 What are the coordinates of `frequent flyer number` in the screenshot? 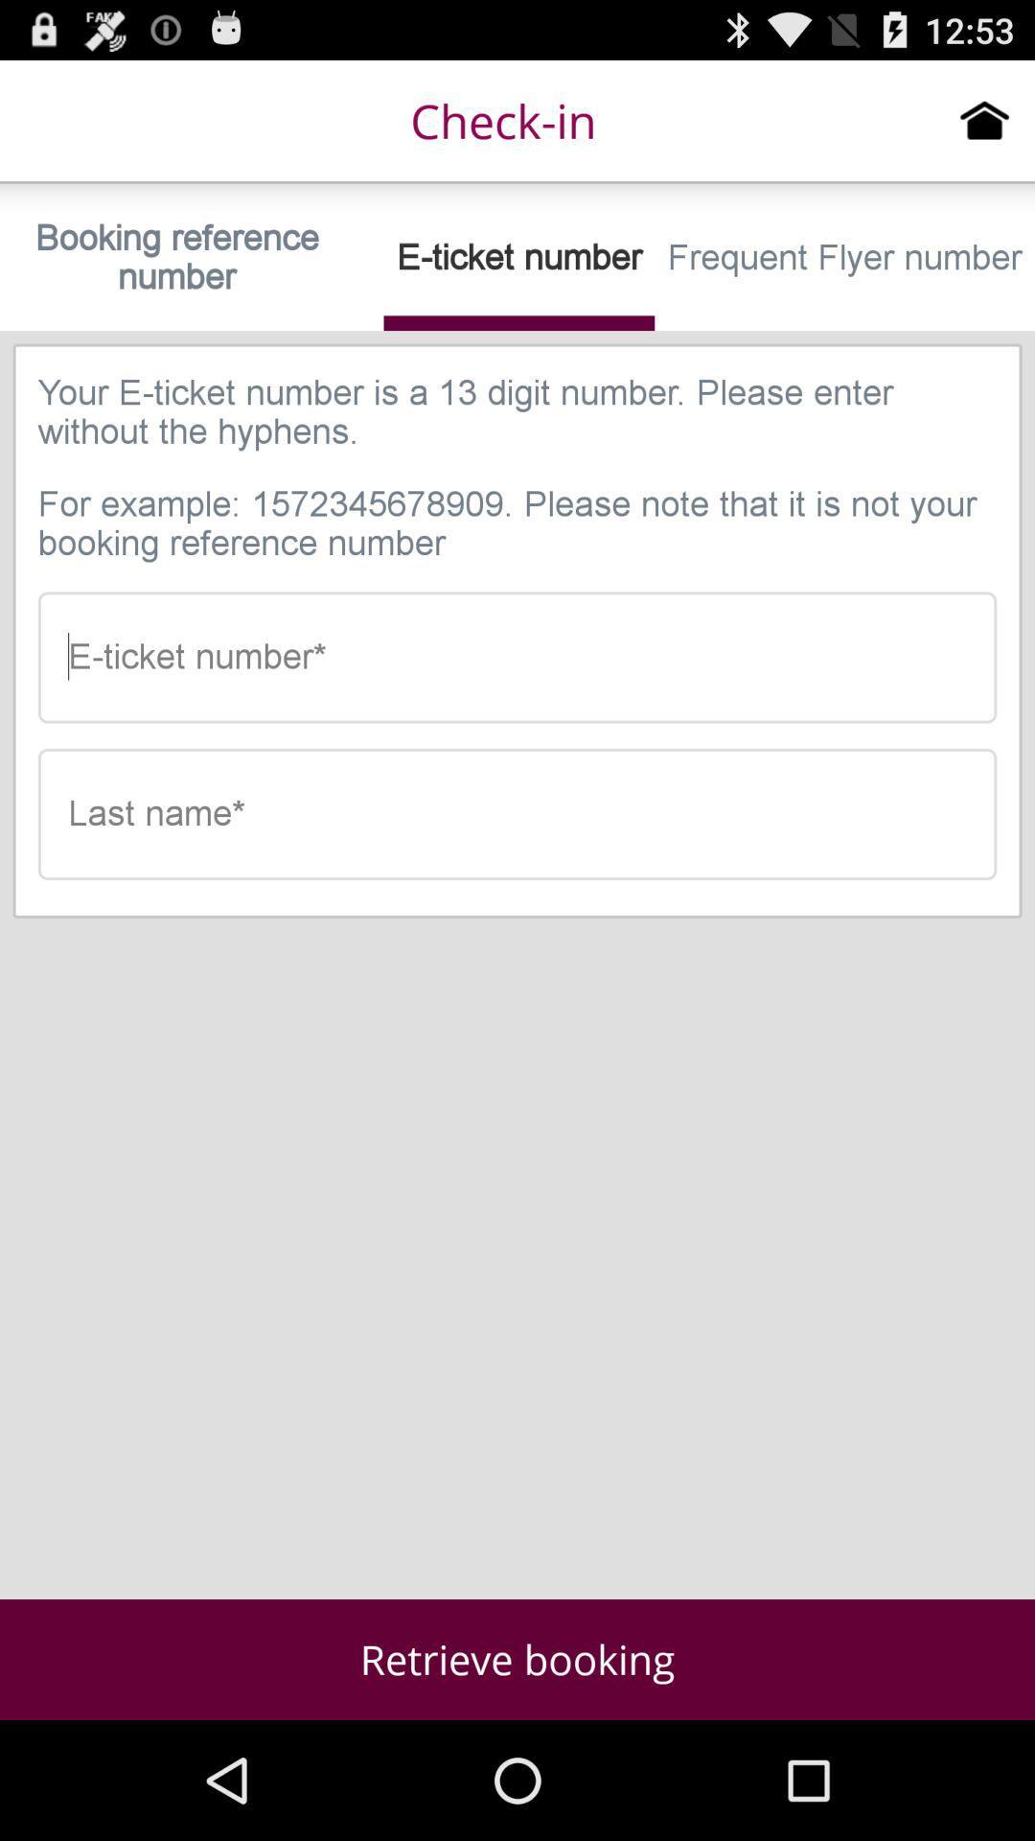 It's located at (843, 256).